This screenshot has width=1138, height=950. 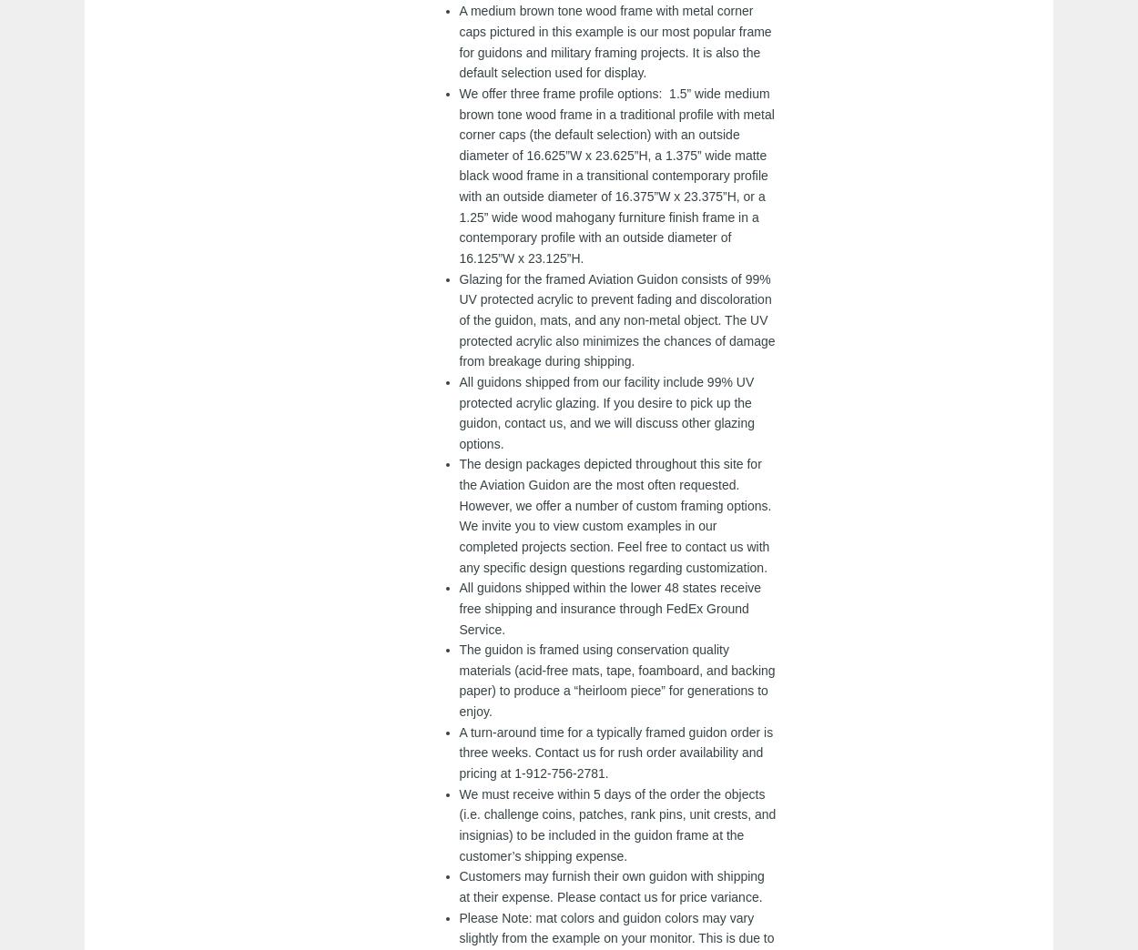 What do you see at coordinates (616, 681) in the screenshot?
I see `'The guidon is framed using conservation quality materials (acid-free mats, tape, foamboard, and backing paper) to produce a “heirloom piece” for generations to enjoy.'` at bounding box center [616, 681].